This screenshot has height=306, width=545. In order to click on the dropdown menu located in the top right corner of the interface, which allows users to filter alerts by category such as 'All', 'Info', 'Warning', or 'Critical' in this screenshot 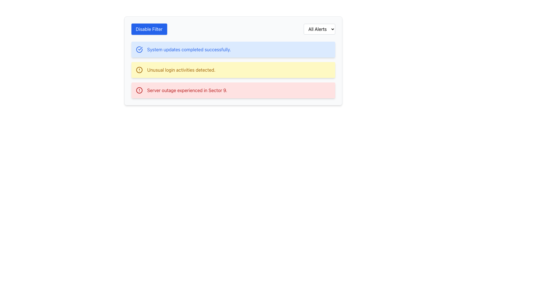, I will do `click(319, 29)`.